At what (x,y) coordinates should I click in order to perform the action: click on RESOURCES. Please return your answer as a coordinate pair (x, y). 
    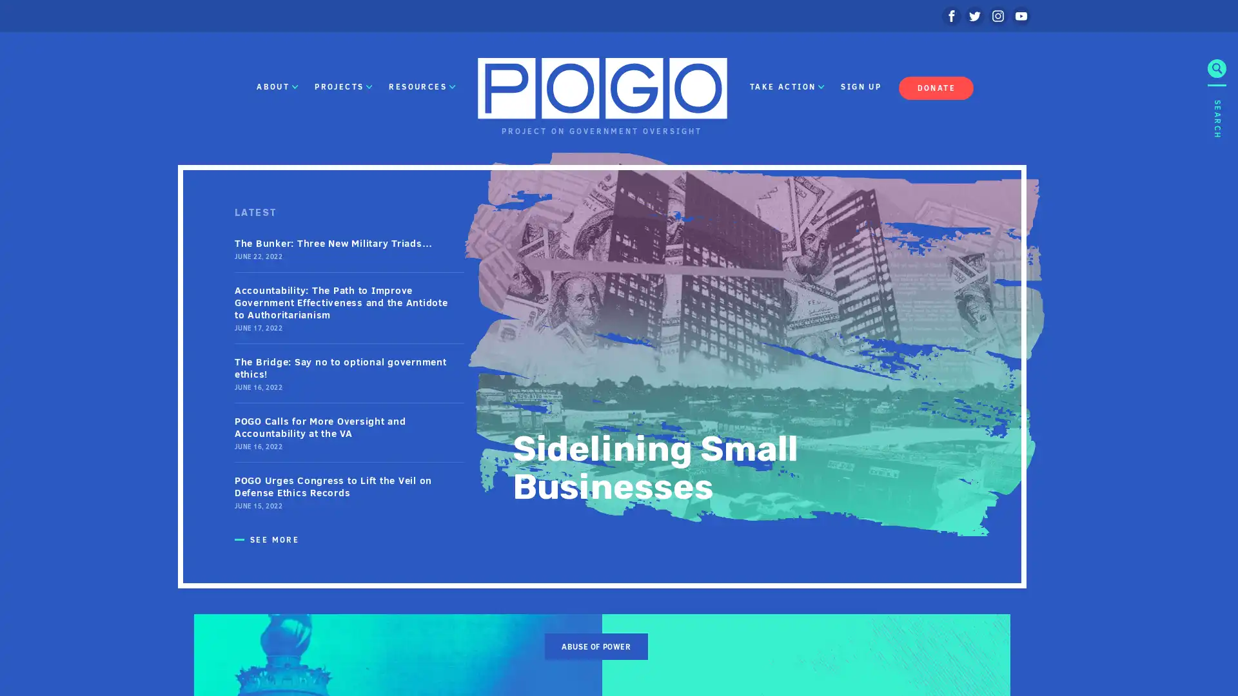
    Looking at the image, I should click on (422, 87).